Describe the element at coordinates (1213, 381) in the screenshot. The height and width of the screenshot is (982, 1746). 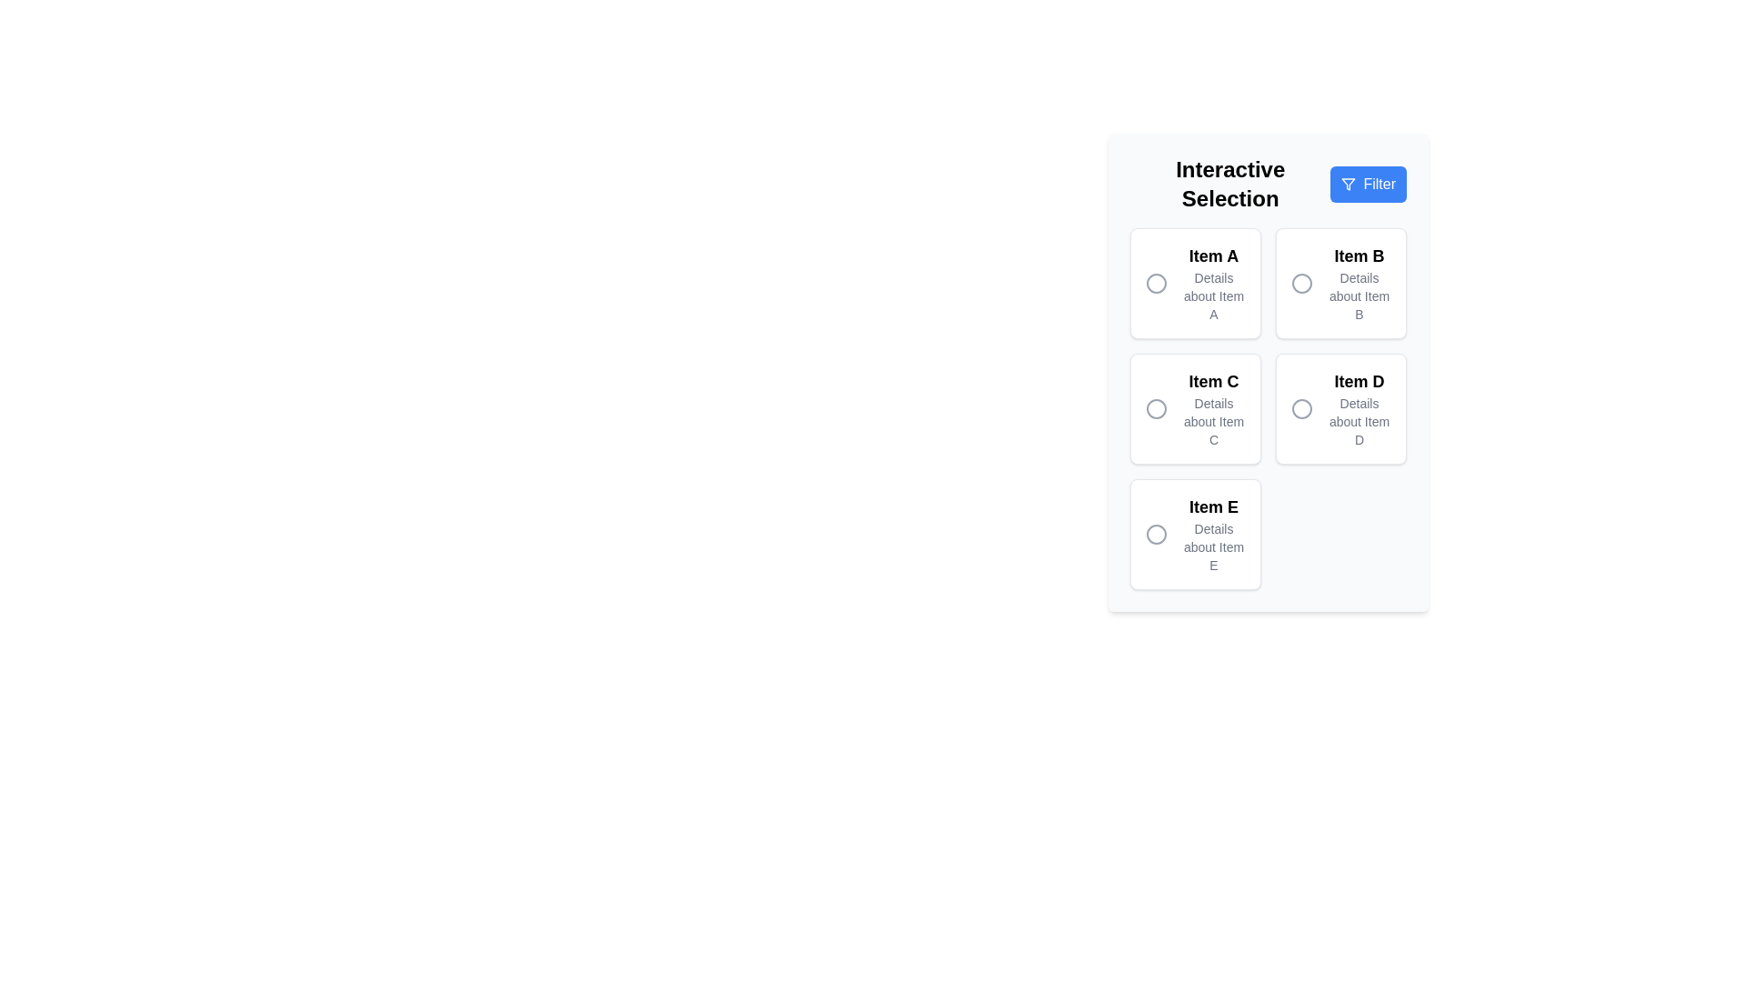
I see `the static text label located in the left-side column of the second row in the grid layout, which serves as a clear identifier for the related item` at that location.